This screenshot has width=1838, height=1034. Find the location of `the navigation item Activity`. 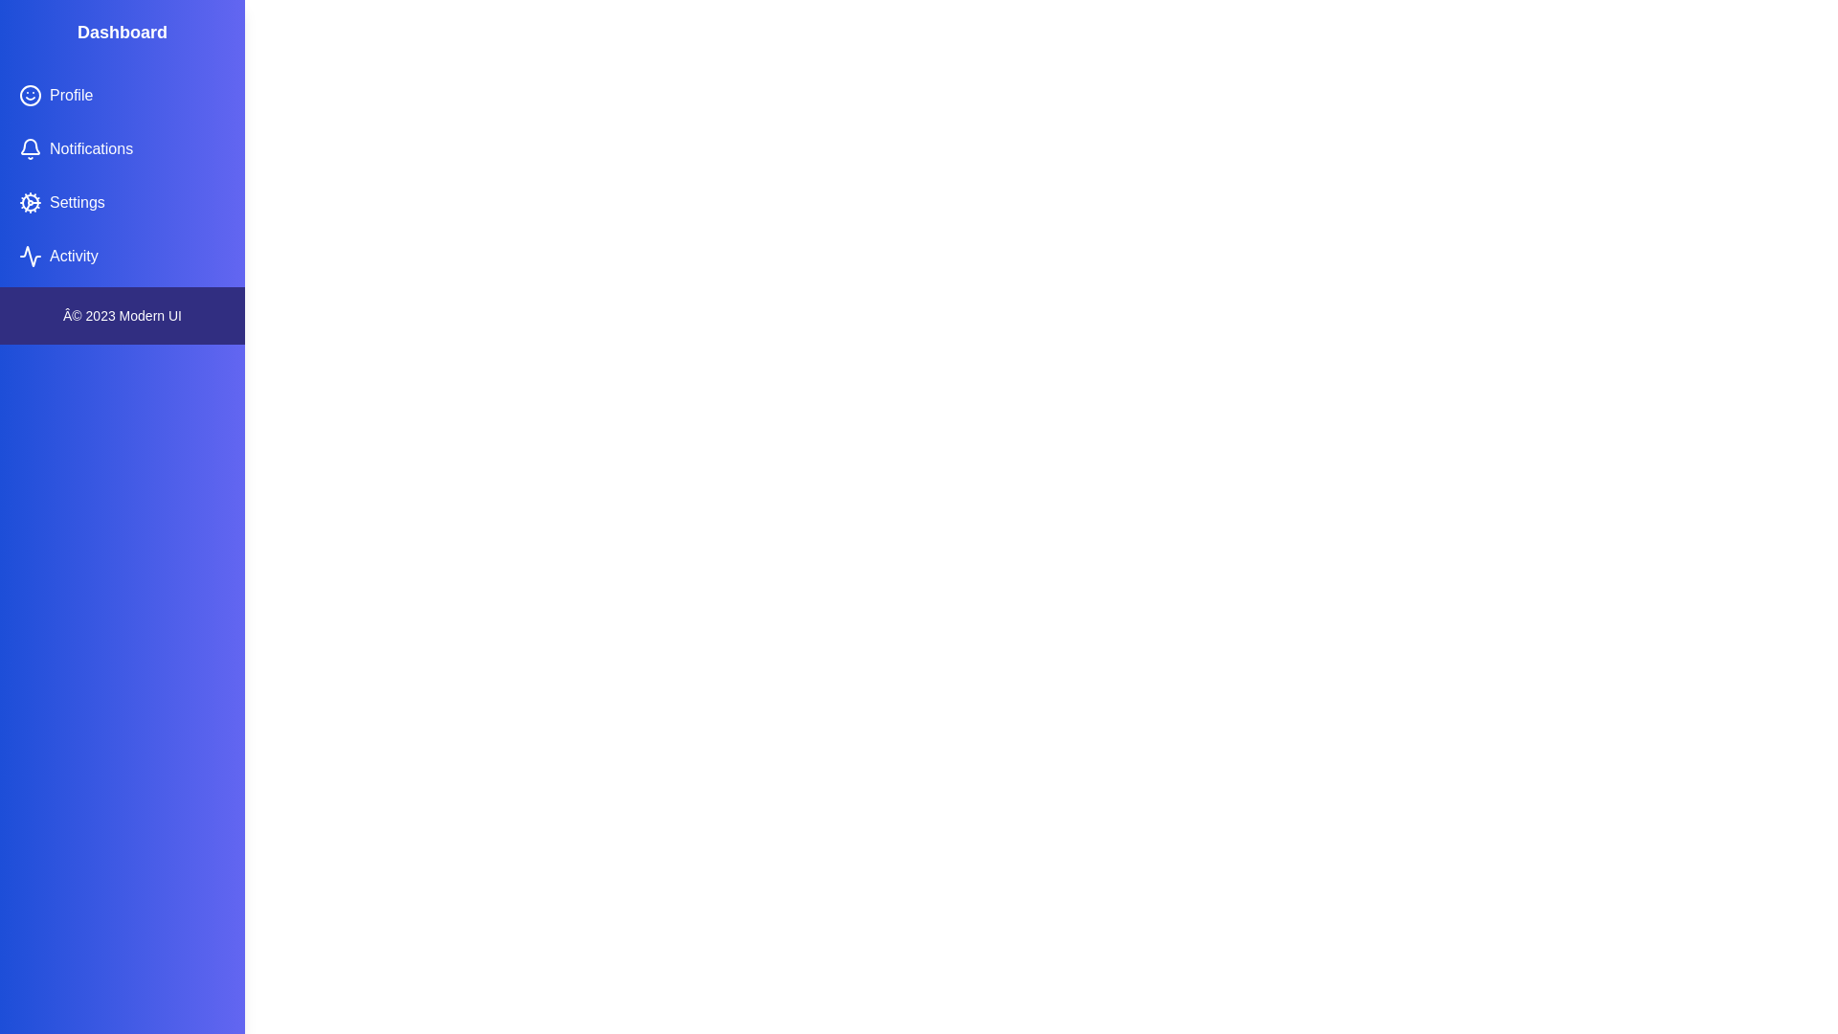

the navigation item Activity is located at coordinates (122, 255).